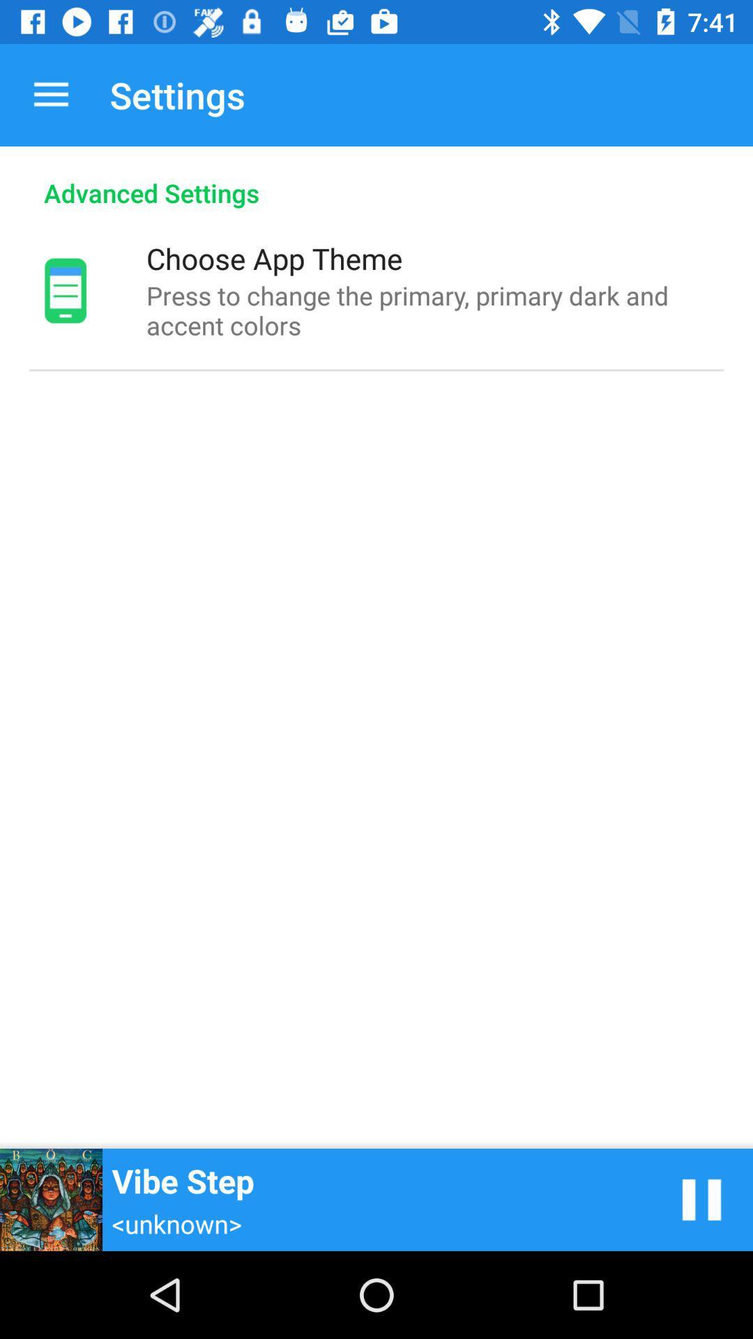  I want to click on pause song, so click(701, 1199).